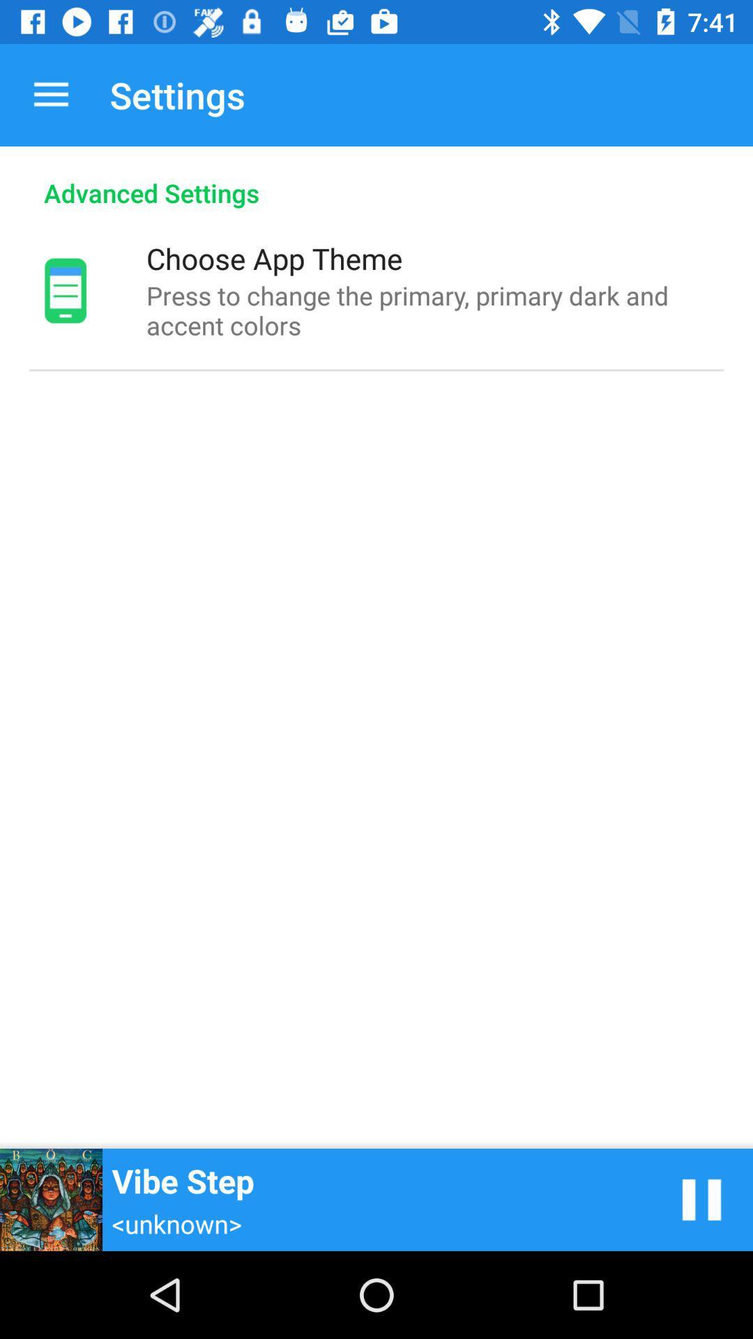  I want to click on pause song, so click(701, 1199).